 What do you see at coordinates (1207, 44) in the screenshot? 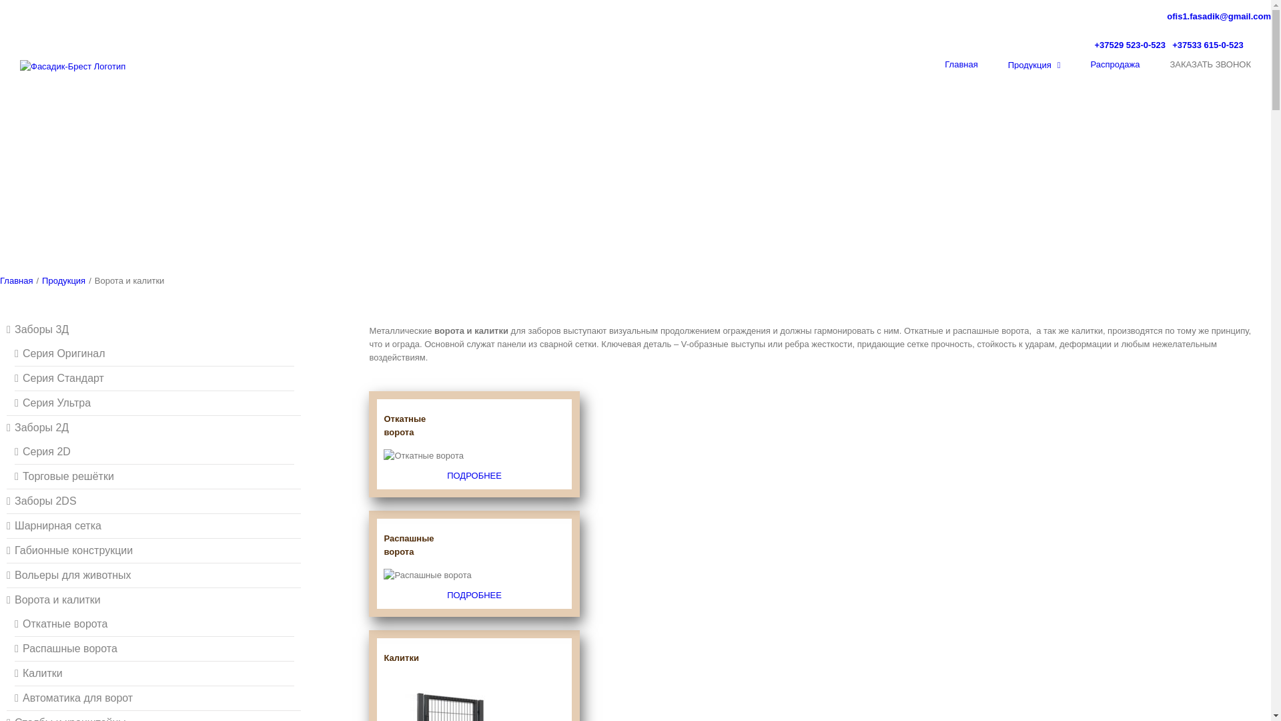
I see `'+37533 615-0-523'` at bounding box center [1207, 44].